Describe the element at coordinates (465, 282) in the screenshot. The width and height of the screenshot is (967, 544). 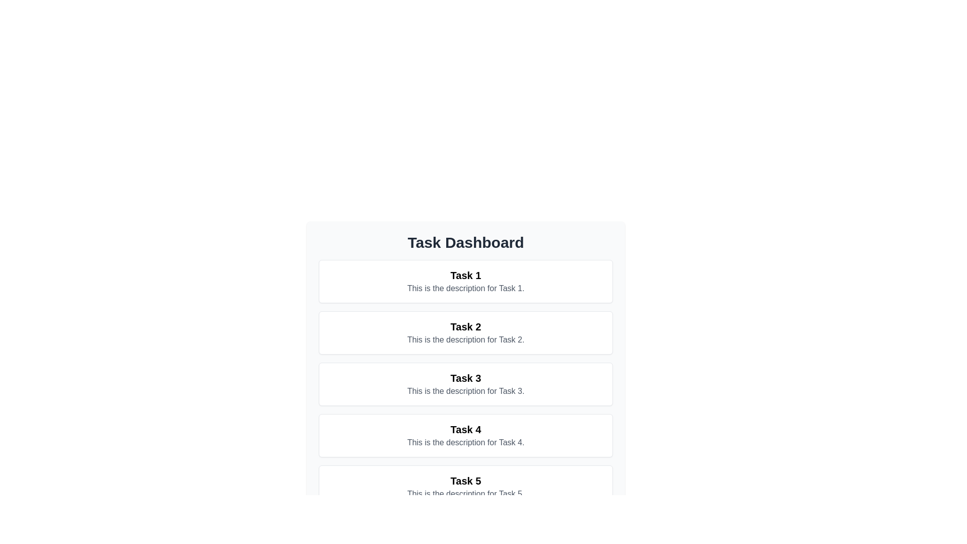
I see `the Information card titled 'Task 1', which is the first item in a vertical list of similar cards` at that location.